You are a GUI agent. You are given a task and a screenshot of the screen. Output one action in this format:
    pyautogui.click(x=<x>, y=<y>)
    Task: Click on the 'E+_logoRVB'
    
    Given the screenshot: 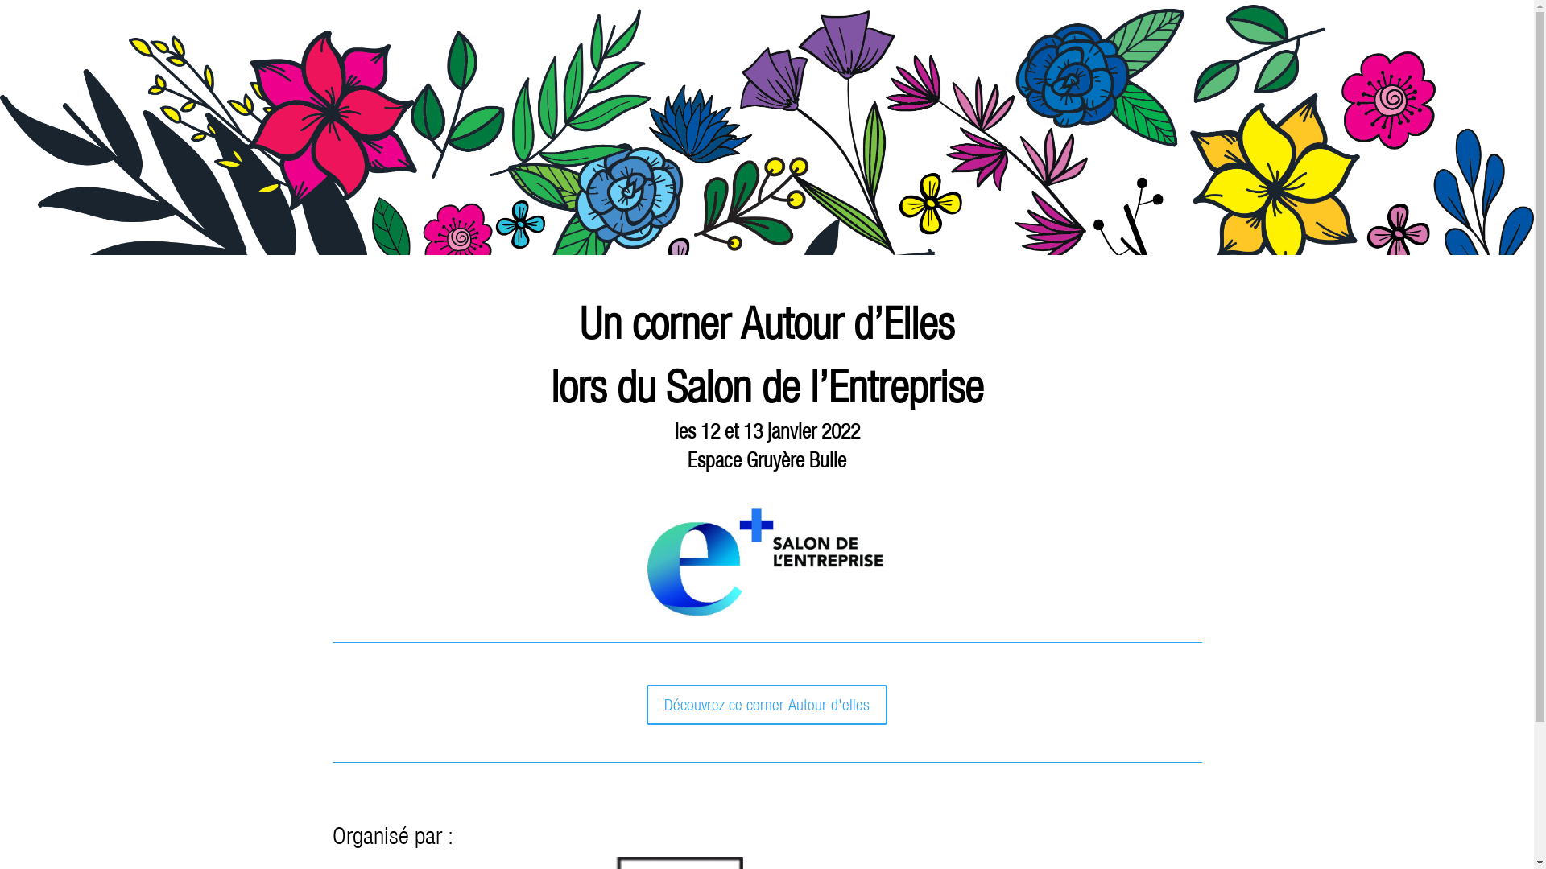 What is the action you would take?
    pyautogui.click(x=765, y=560)
    